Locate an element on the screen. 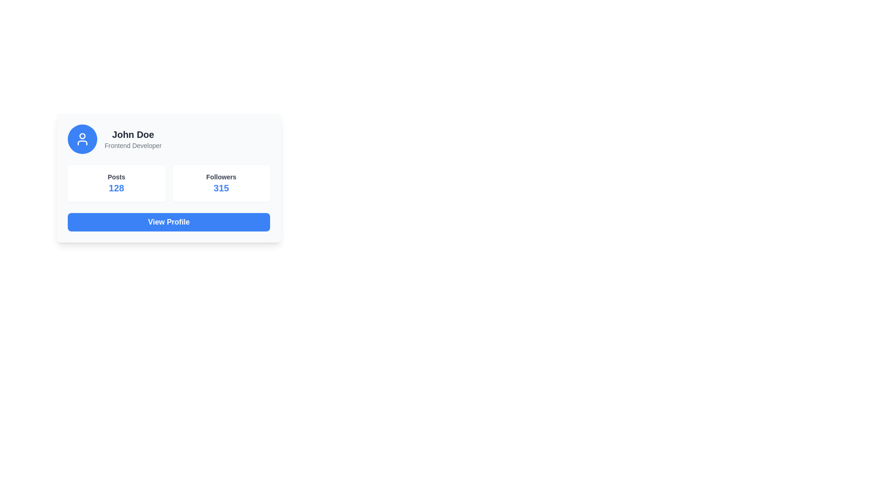  the informational card displaying the follower count, located in the bottom-right section of the grid, next to the 'Posts 128' item is located at coordinates (221, 183).